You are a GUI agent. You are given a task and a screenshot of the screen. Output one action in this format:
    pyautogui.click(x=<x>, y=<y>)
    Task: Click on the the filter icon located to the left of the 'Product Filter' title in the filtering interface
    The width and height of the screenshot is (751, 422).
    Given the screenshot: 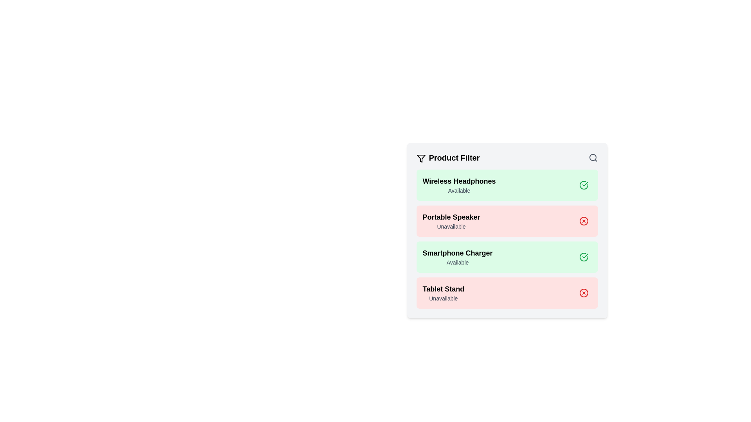 What is the action you would take?
    pyautogui.click(x=420, y=158)
    